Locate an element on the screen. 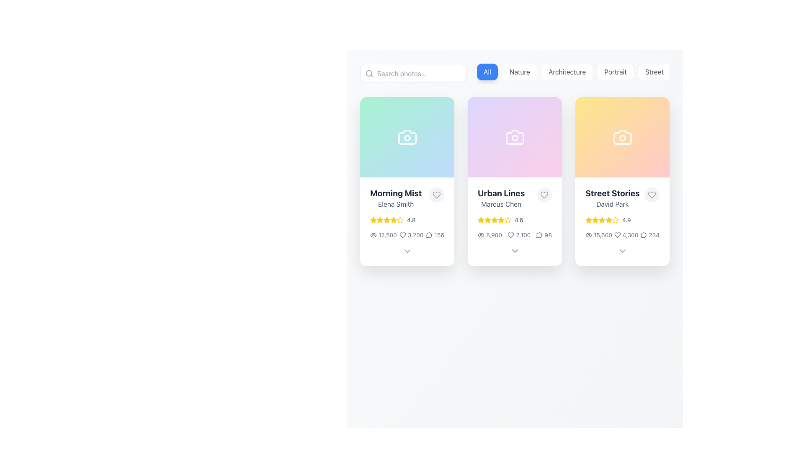 The width and height of the screenshot is (804, 452). the downward chevron icon located at the bottom section of the leftmost card labeled 'Morning Mist' is located at coordinates (407, 251).